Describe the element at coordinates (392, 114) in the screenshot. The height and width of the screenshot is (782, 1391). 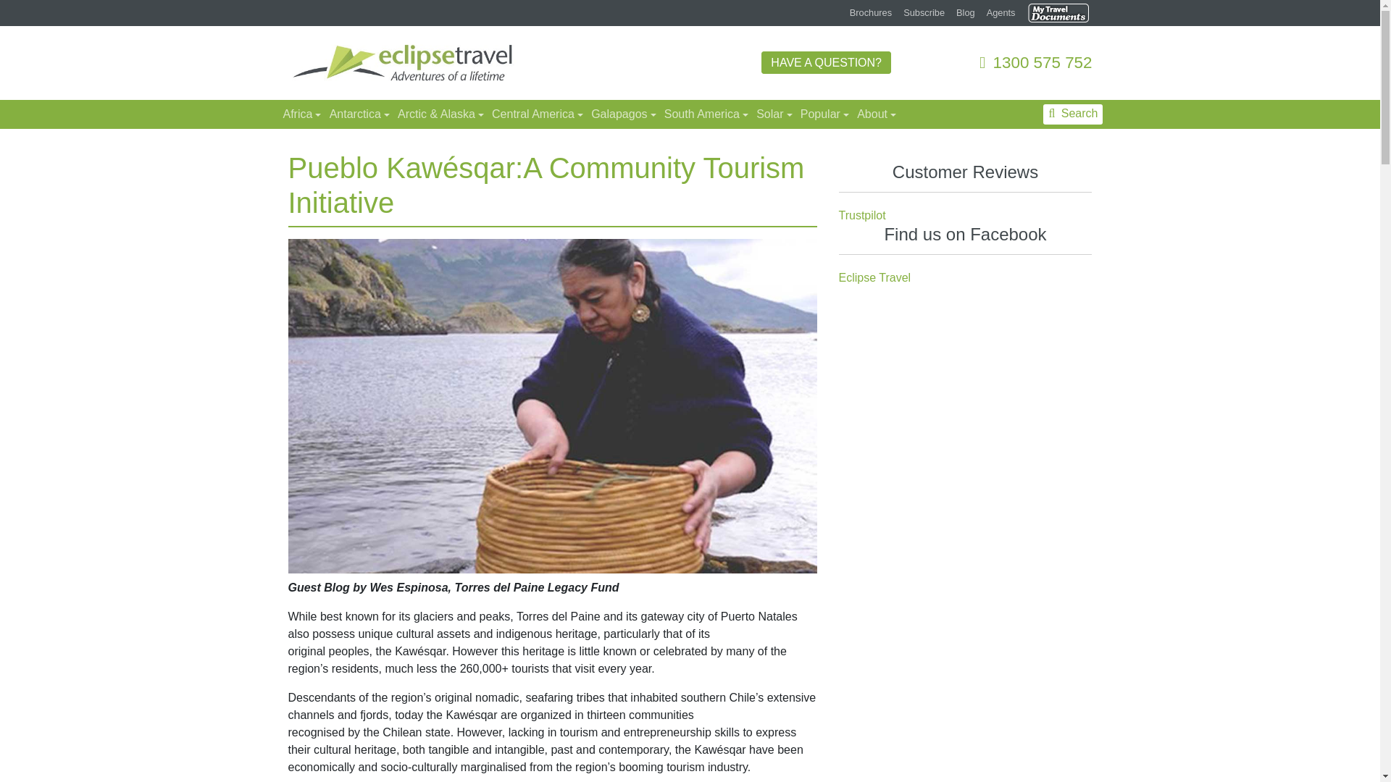
I see `'Arctic & Alaska'` at that location.